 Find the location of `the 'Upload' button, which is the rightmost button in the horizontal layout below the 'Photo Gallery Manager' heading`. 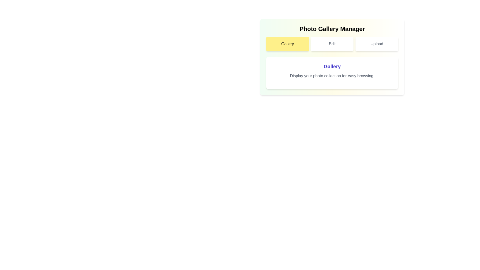

the 'Upload' button, which is the rightmost button in the horizontal layout below the 'Photo Gallery Manager' heading is located at coordinates (377, 44).